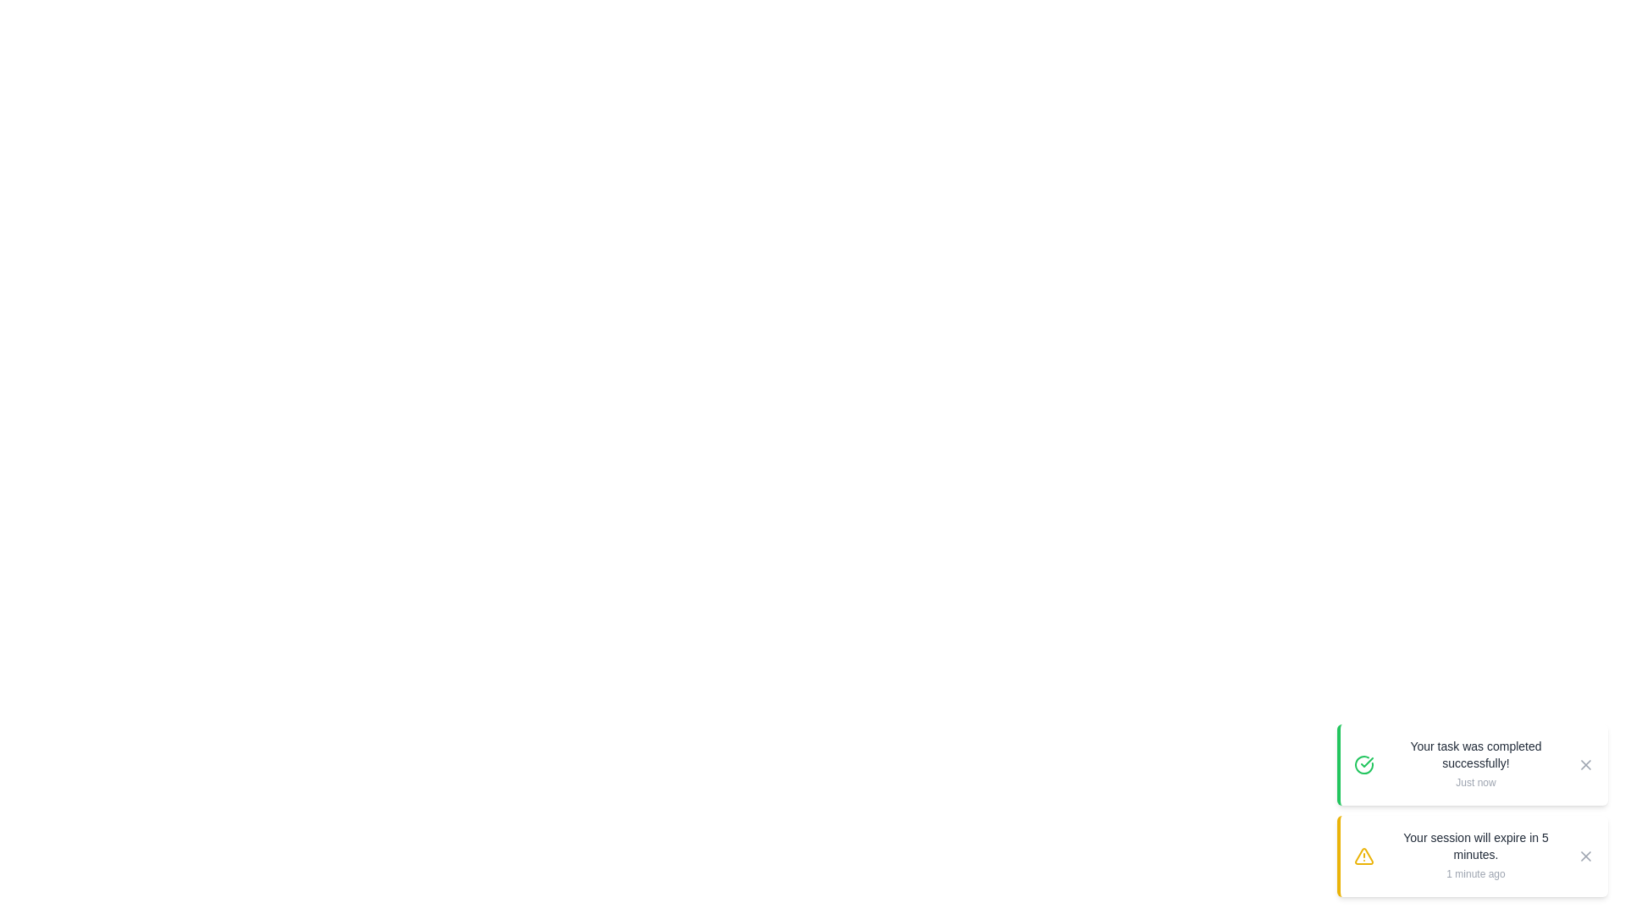  What do you see at coordinates (1584, 764) in the screenshot?
I see `the close button of the snackbar with message 'Your task was completed successfully!'` at bounding box center [1584, 764].